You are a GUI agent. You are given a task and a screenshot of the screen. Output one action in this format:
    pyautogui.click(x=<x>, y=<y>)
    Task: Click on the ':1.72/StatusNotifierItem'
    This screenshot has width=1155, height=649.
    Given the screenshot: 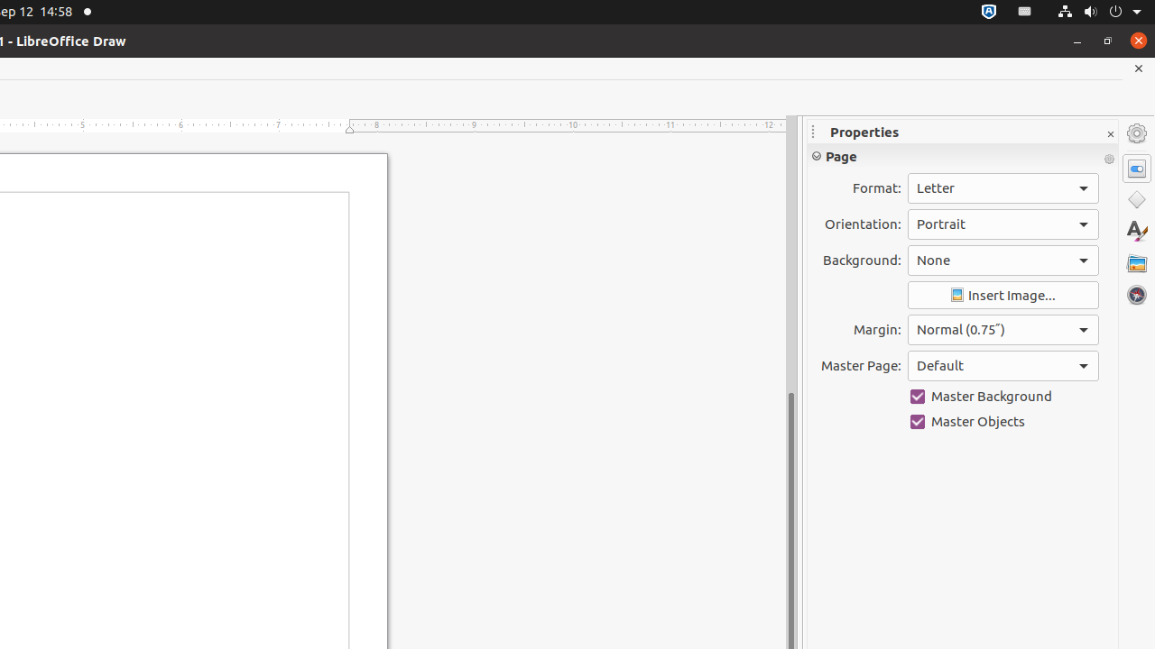 What is the action you would take?
    pyautogui.click(x=987, y=12)
    